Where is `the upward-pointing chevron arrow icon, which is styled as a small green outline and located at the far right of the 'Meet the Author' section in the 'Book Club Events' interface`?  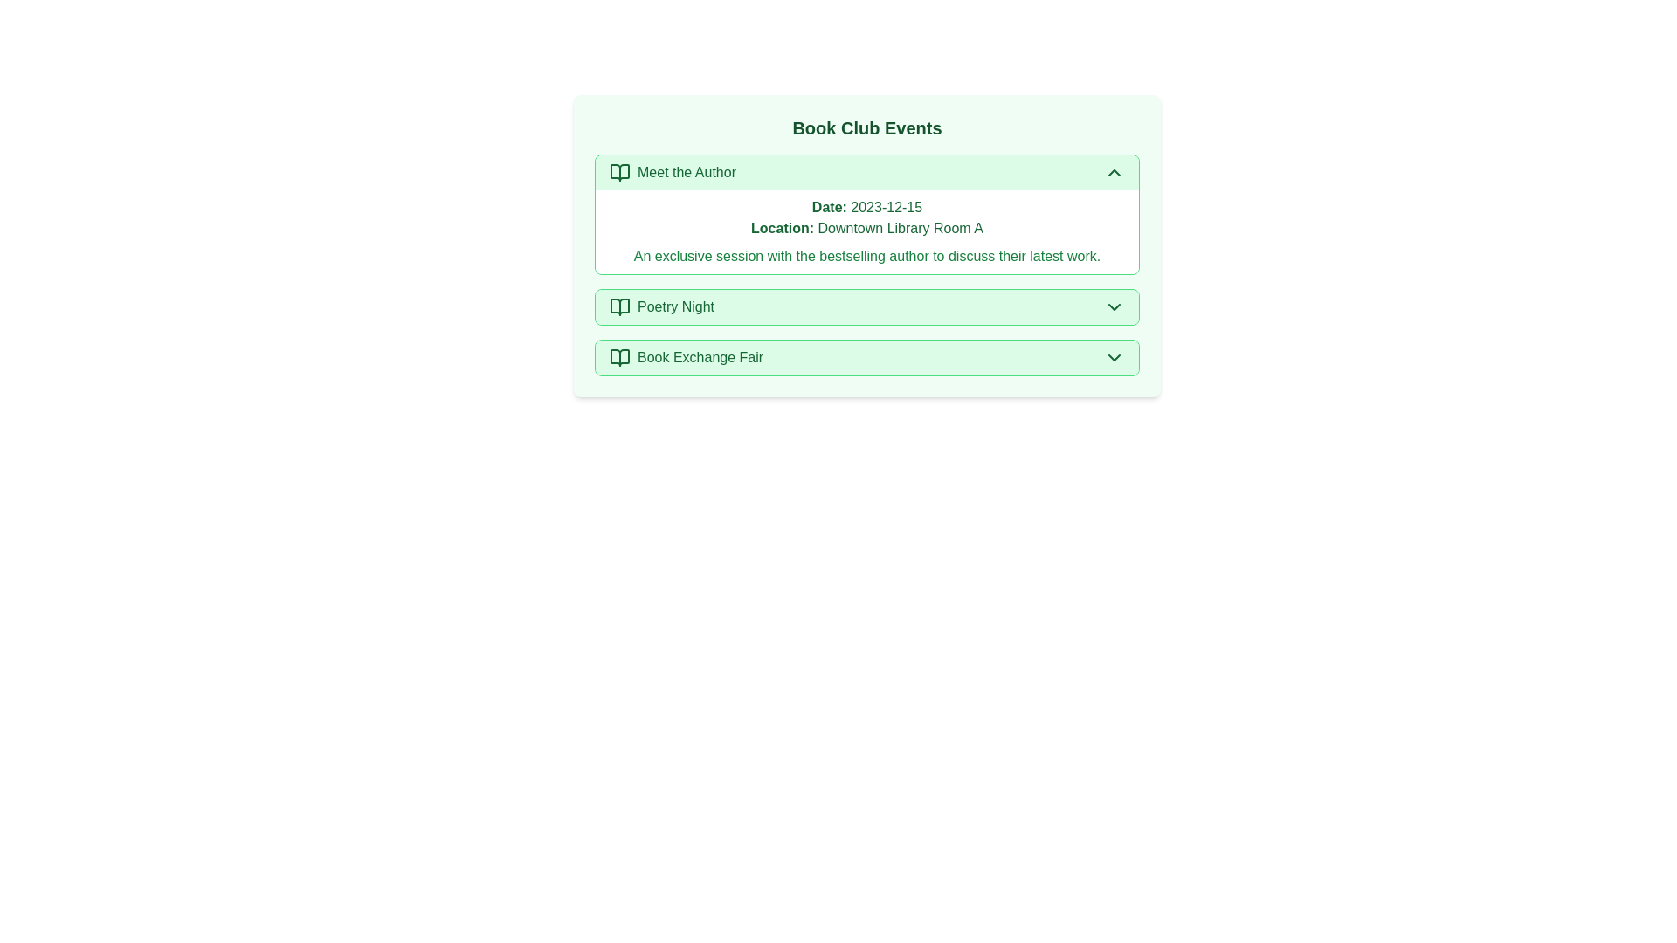
the upward-pointing chevron arrow icon, which is styled as a small green outline and located at the far right of the 'Meet the Author' section in the 'Book Club Events' interface is located at coordinates (1114, 172).